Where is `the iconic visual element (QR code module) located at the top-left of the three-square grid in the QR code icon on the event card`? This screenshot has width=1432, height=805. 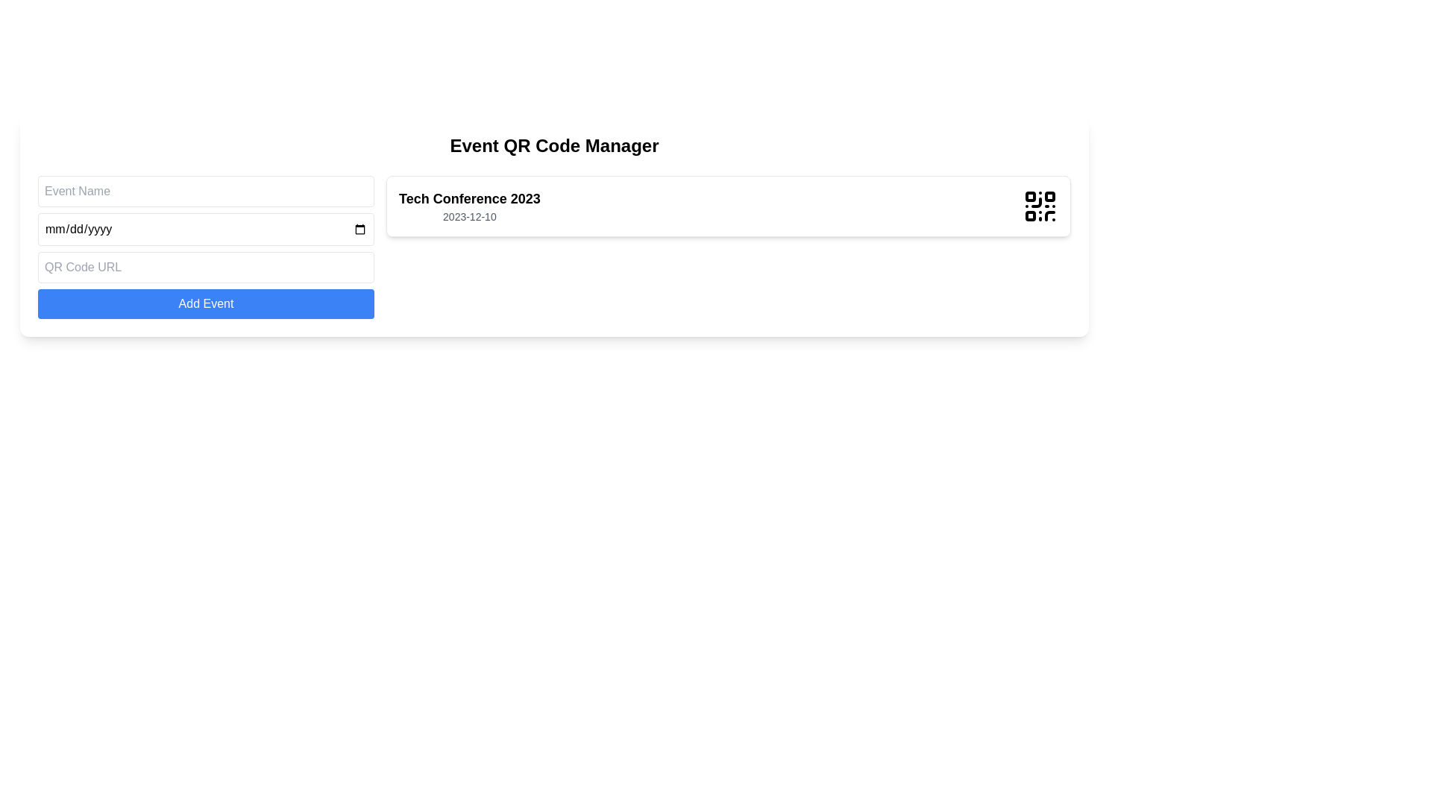 the iconic visual element (QR code module) located at the top-left of the three-square grid in the QR code icon on the event card is located at coordinates (1030, 195).